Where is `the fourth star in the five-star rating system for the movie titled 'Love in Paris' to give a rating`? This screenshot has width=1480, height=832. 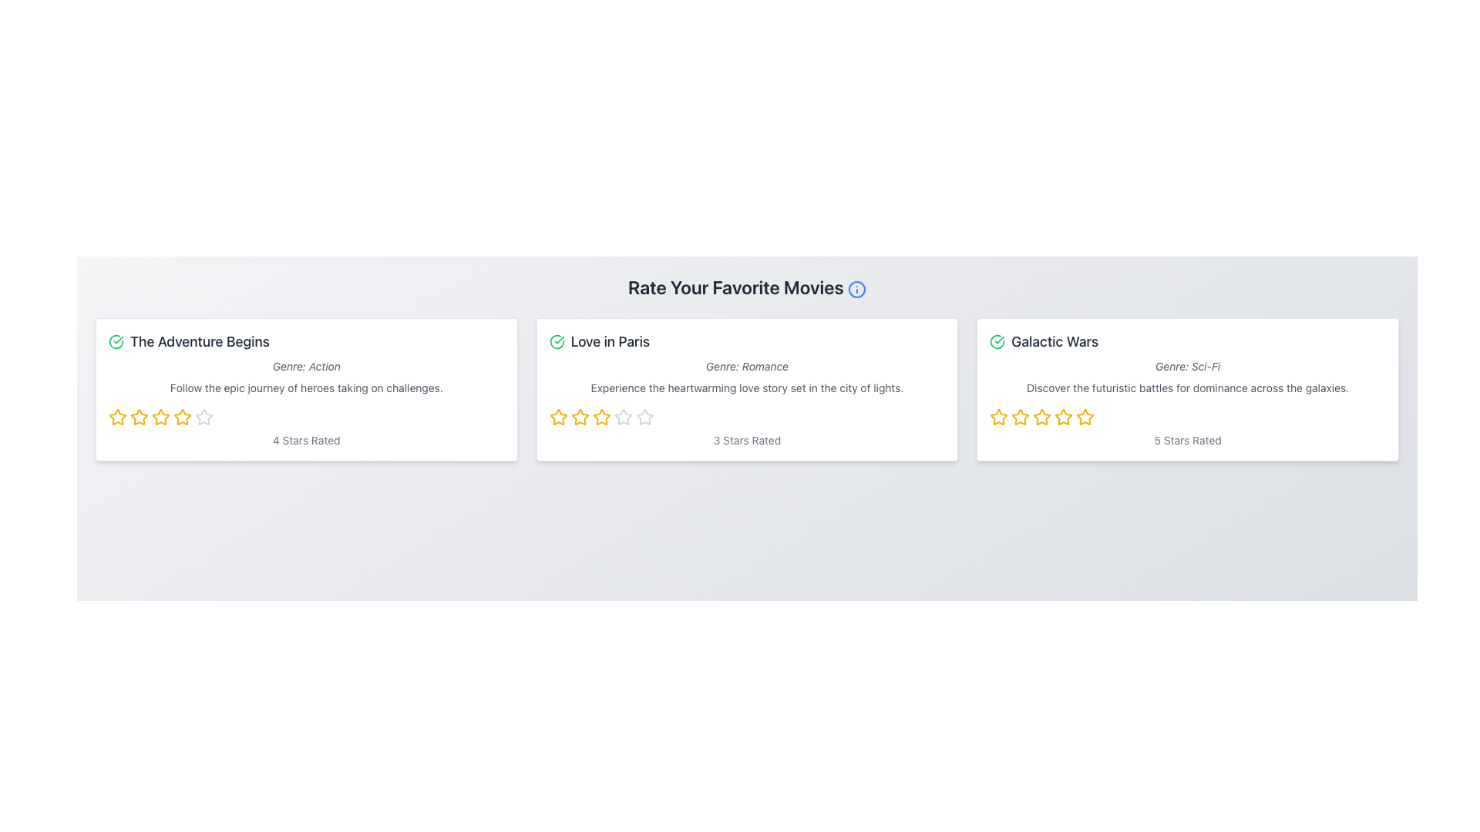
the fourth star in the five-star rating system for the movie titled 'Love in Paris' to give a rating is located at coordinates (600, 418).